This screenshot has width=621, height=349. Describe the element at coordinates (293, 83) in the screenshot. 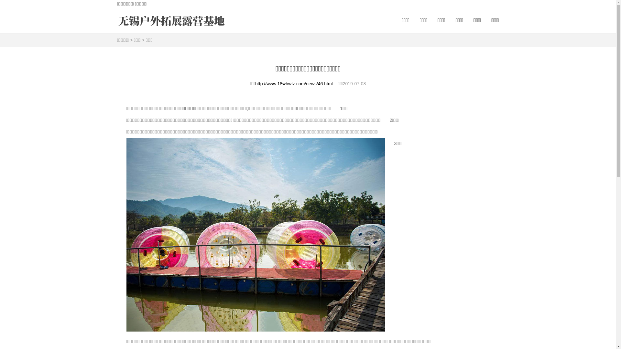

I see `'http://www.18whwtz.com/news/46.html'` at that location.